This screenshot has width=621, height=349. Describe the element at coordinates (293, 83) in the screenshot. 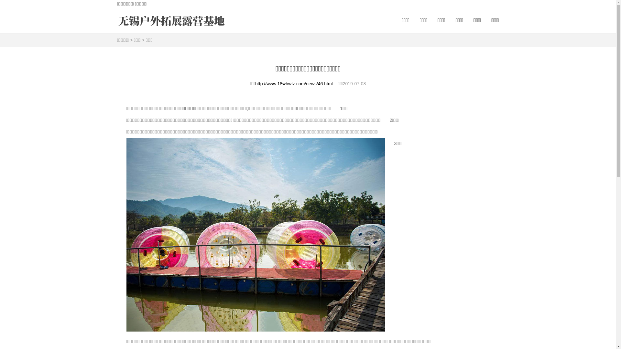

I see `'http://www.18whwtz.com/news/46.html'` at that location.